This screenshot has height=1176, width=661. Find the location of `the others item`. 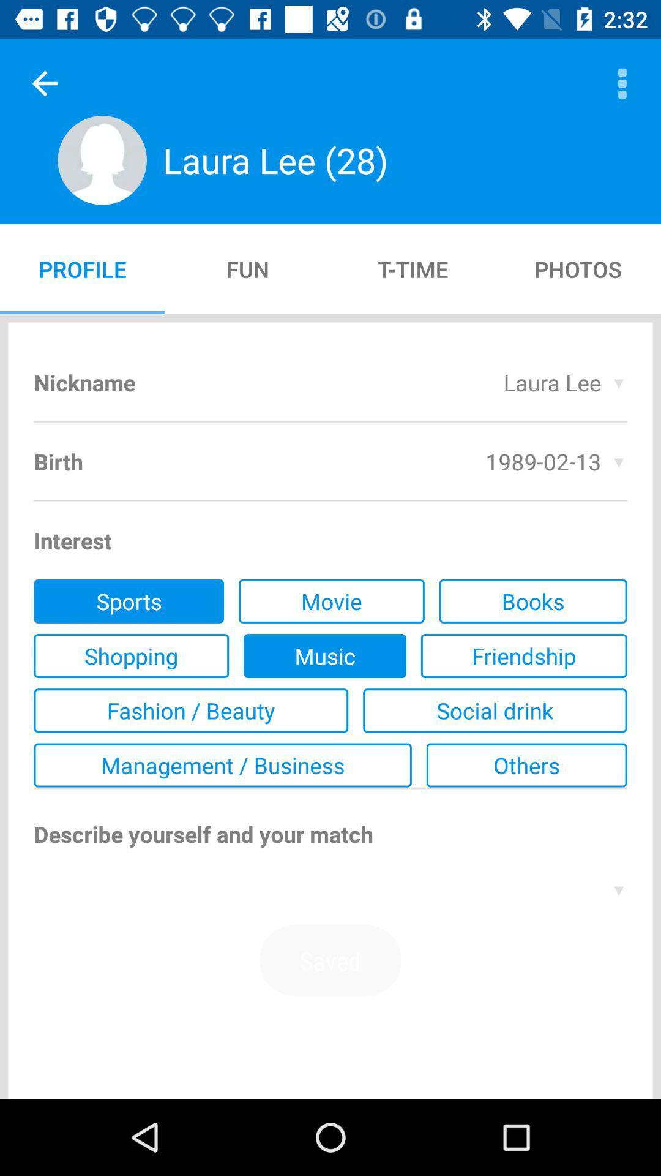

the others item is located at coordinates (526, 764).